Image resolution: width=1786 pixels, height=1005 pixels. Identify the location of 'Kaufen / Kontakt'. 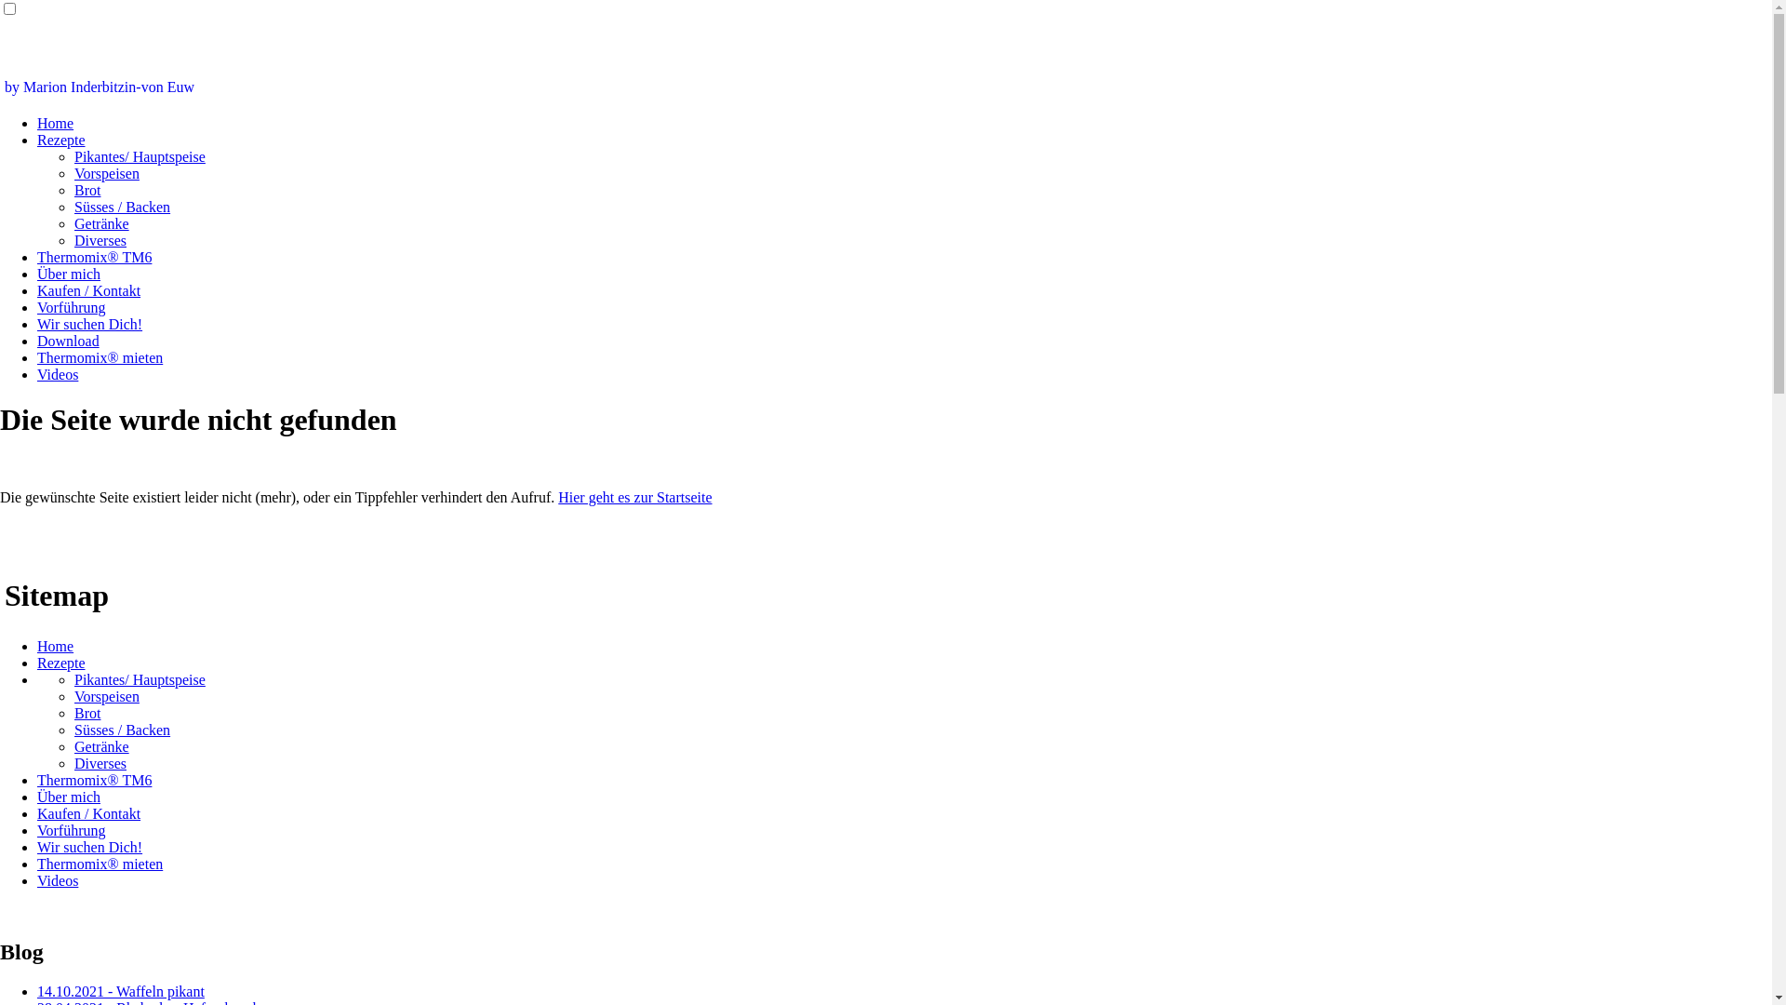
(87, 812).